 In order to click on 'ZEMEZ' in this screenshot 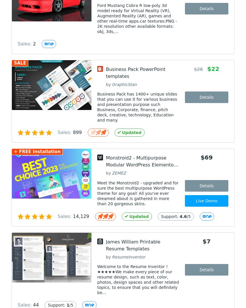, I will do `click(119, 173)`.